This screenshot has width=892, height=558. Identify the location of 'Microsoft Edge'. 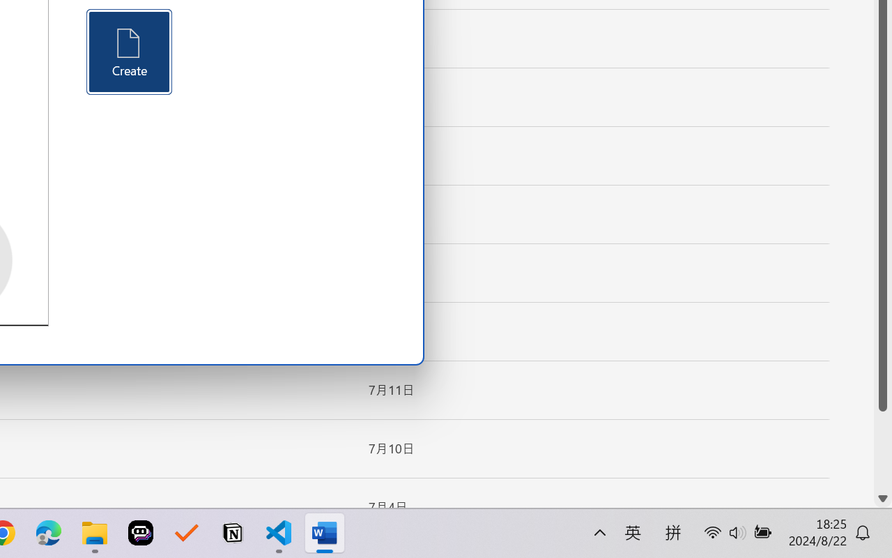
(48, 533).